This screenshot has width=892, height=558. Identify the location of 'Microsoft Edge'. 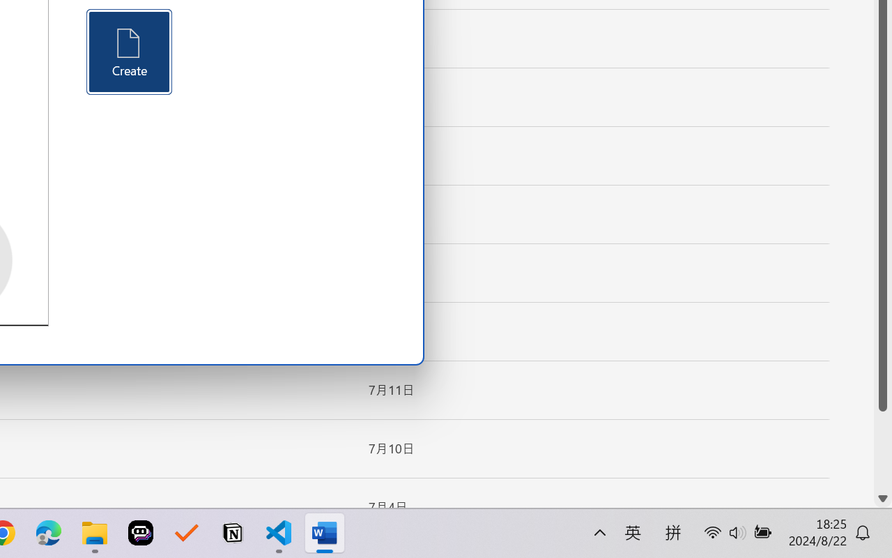
(48, 533).